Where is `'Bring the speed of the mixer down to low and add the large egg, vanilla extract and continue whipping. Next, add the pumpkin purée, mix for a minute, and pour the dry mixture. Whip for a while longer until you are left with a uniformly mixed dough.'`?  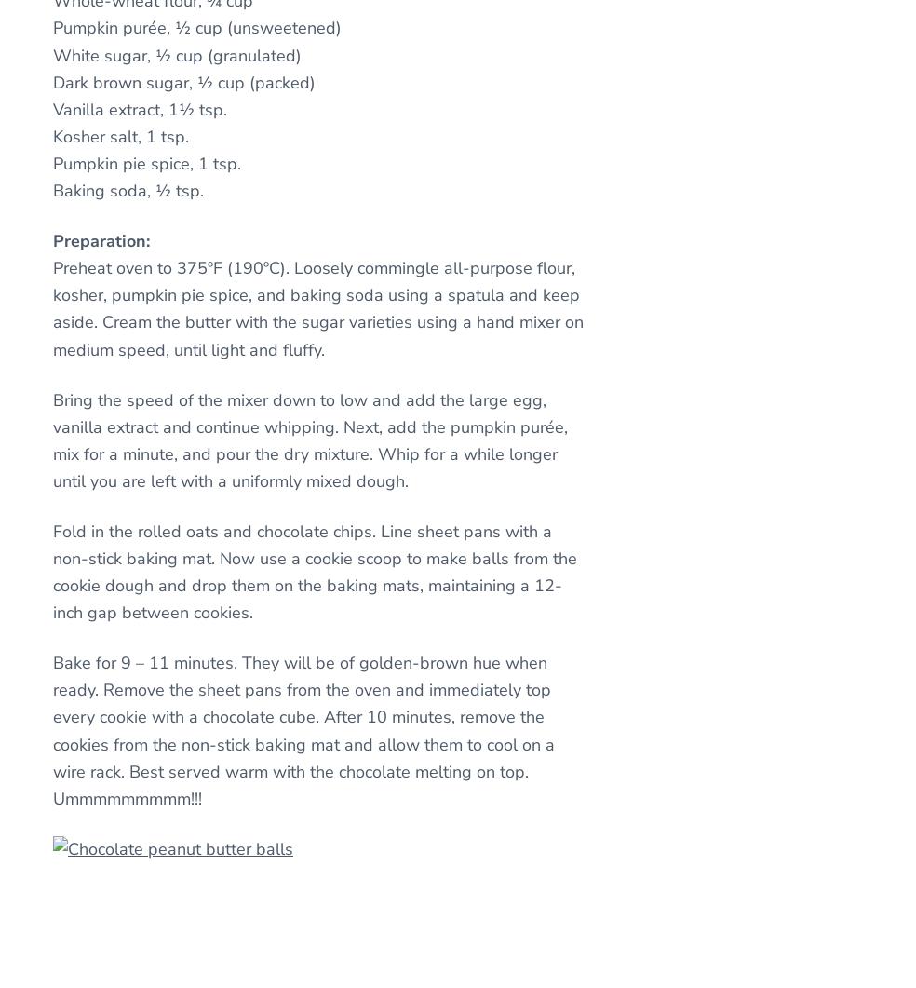
'Bring the speed of the mixer down to low and add the large egg, vanilla extract and continue whipping. Next, add the pumpkin purée, mix for a minute, and pour the dry mixture. Whip for a while longer until you are left with a uniformly mixed dough.' is located at coordinates (309, 440).